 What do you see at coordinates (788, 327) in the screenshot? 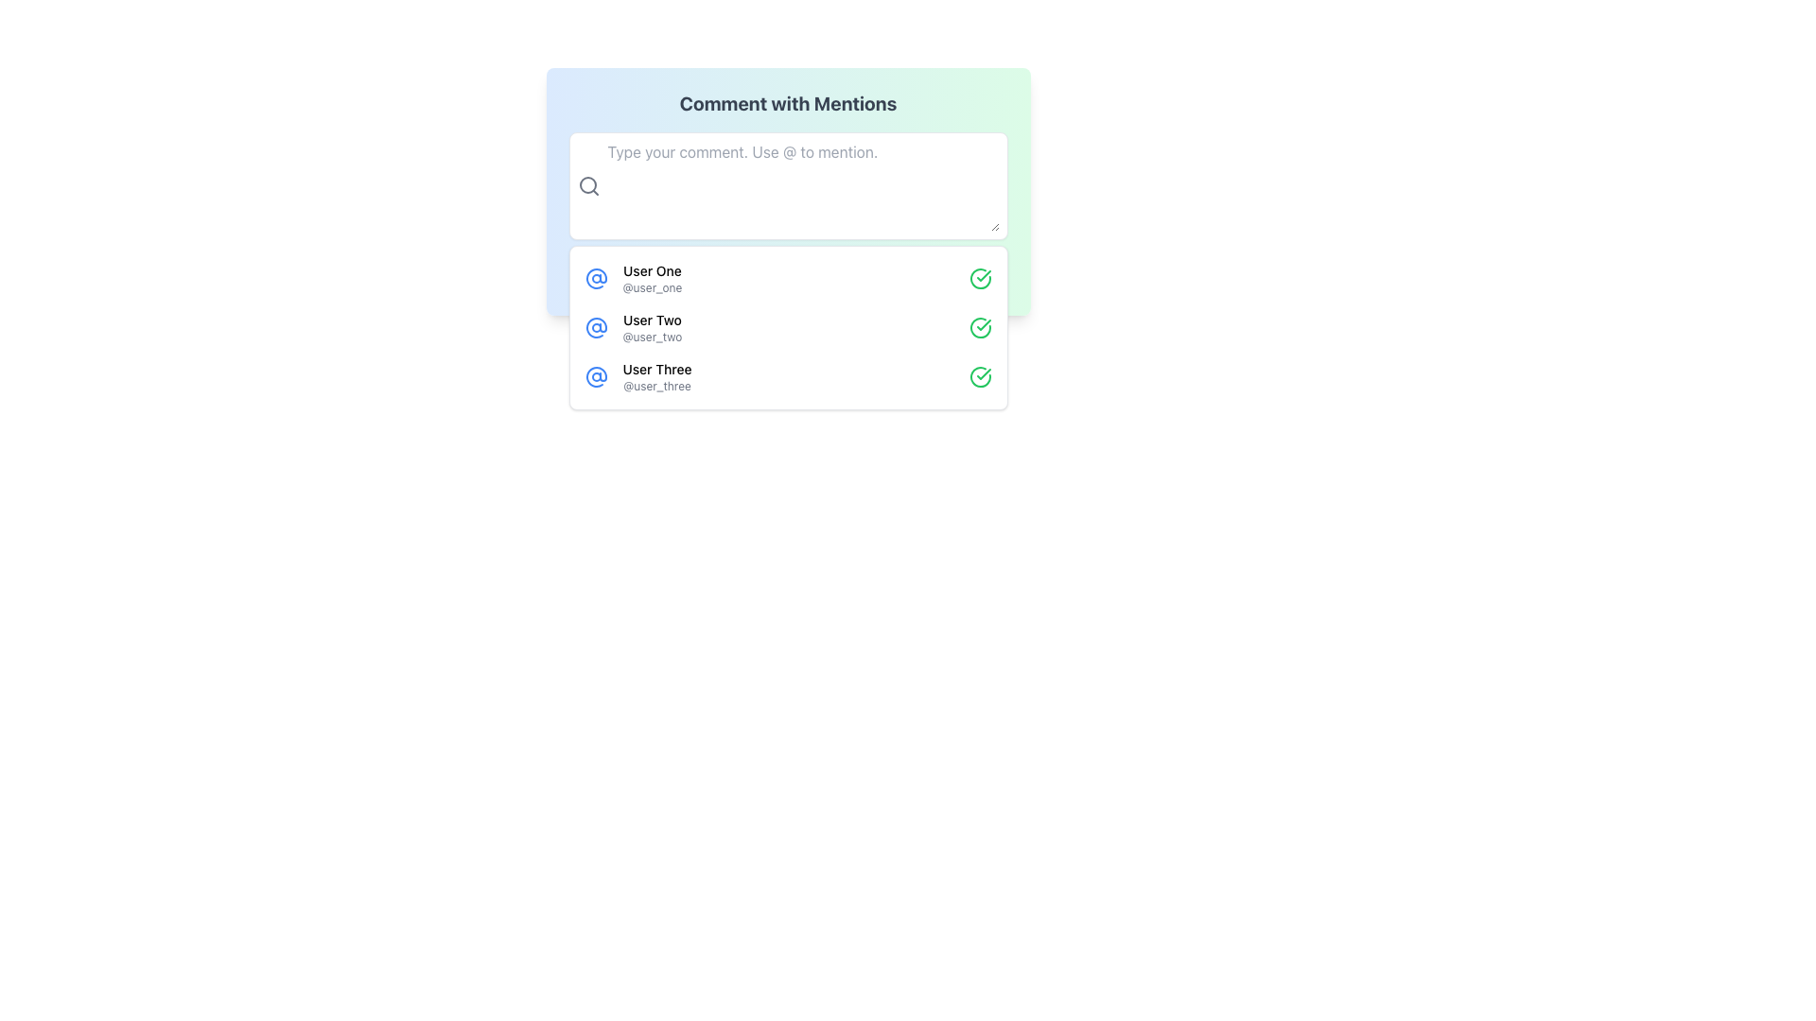
I see `the user mention option for '@user_two' in the dropdown list beneath the 'Comment with Mentions' input field` at bounding box center [788, 327].